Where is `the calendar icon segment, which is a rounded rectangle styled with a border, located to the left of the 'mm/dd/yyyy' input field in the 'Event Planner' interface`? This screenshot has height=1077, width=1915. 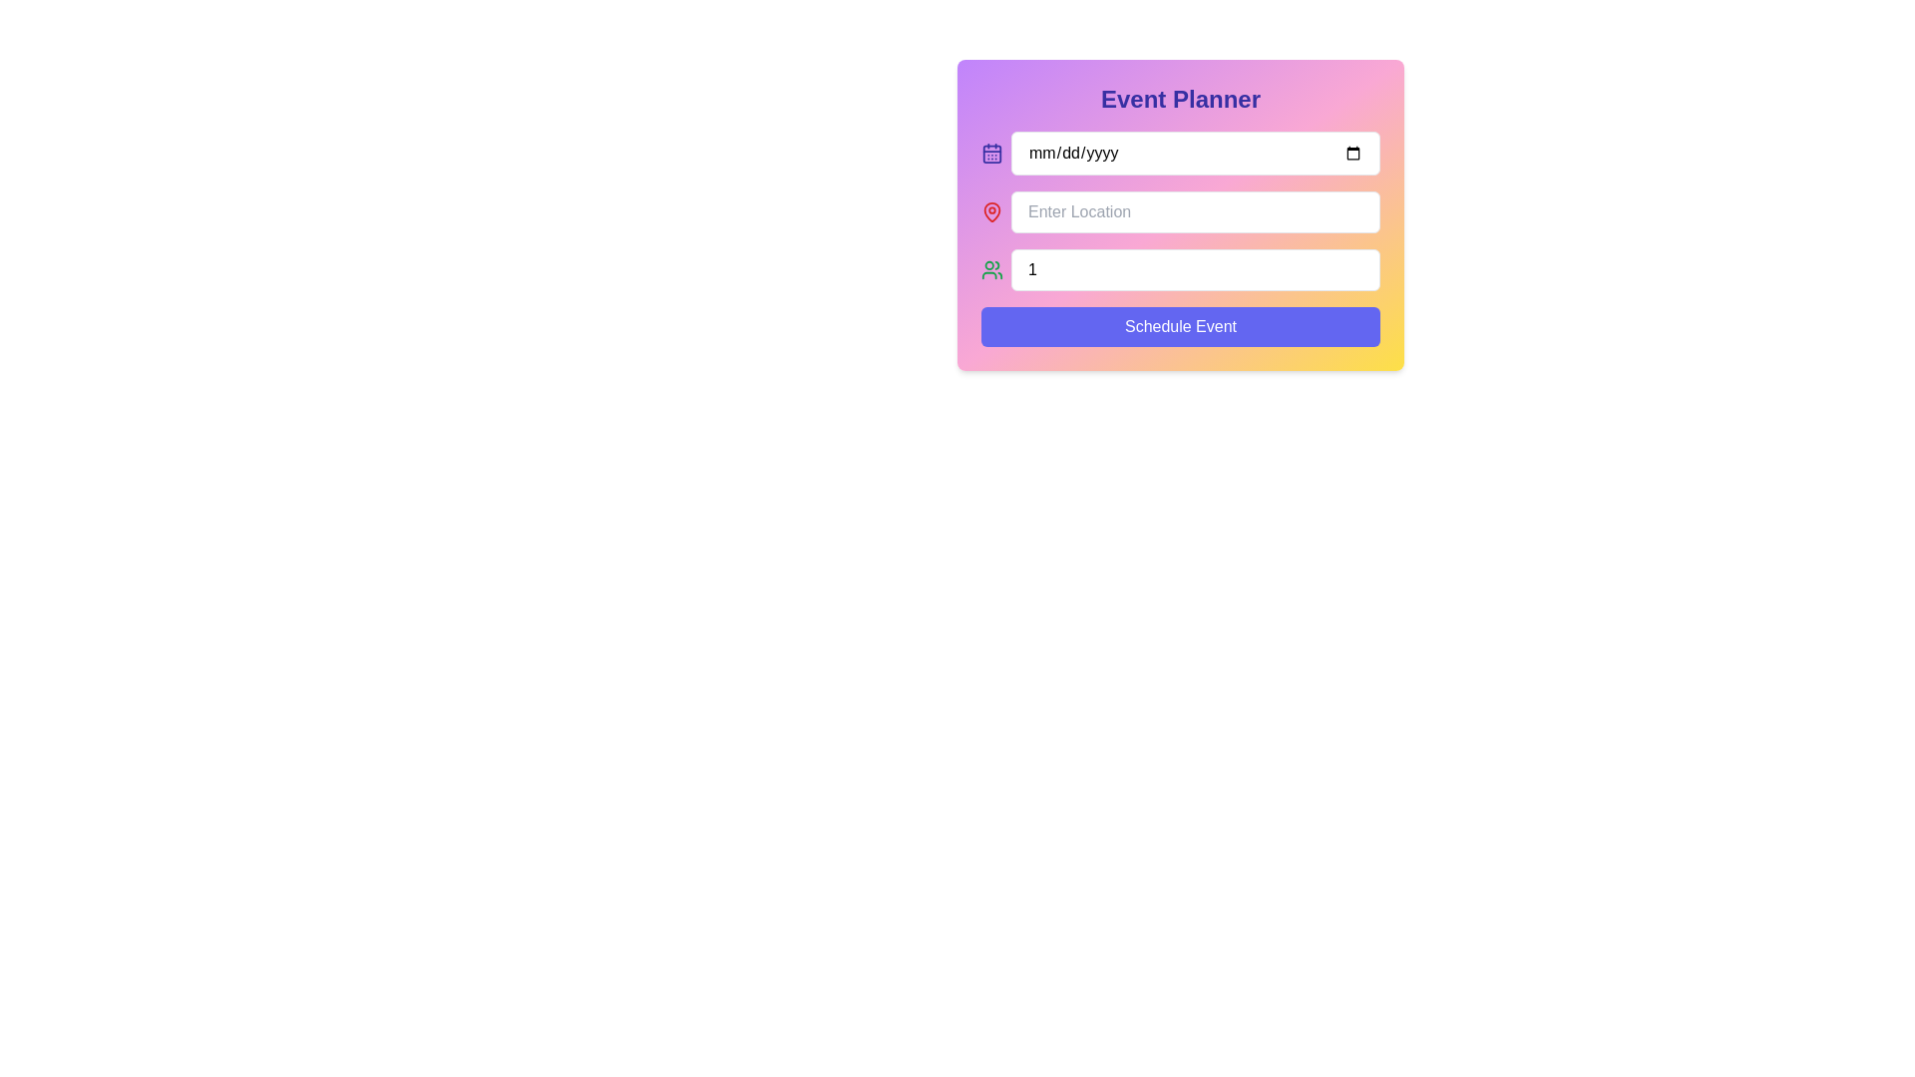
the calendar icon segment, which is a rounded rectangle styled with a border, located to the left of the 'mm/dd/yyyy' input field in the 'Event Planner' interface is located at coordinates (991, 153).